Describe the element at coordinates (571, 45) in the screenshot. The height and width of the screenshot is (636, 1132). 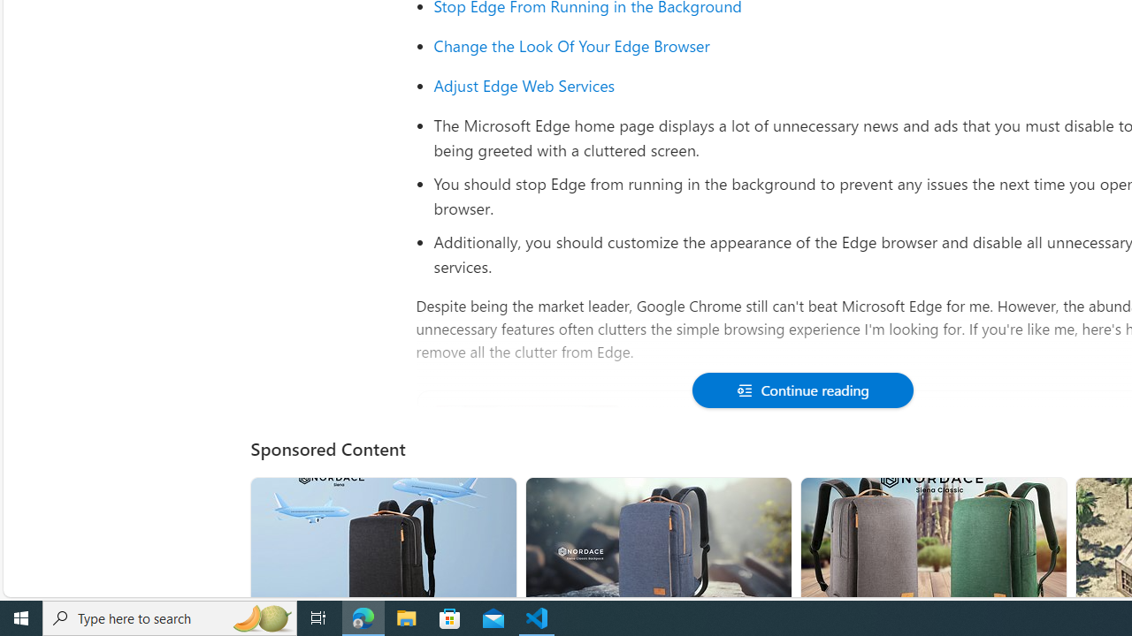
I see `'Change the Look Of Your Edge Browser'` at that location.